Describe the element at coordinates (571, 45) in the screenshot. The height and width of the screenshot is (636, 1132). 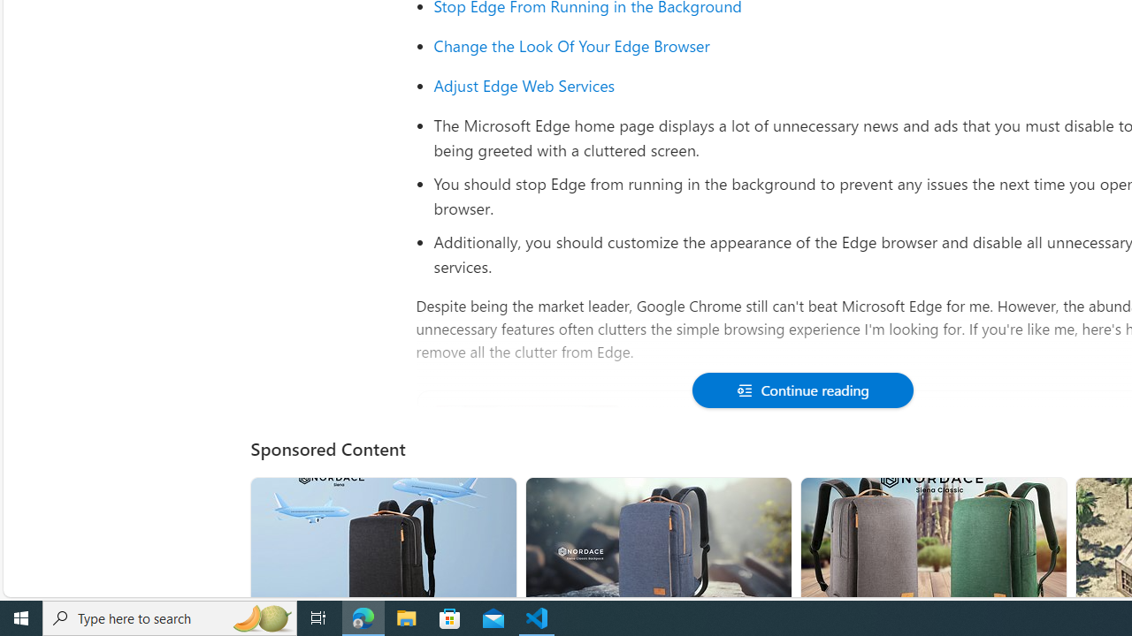
I see `'Change the Look Of Your Edge Browser'` at that location.